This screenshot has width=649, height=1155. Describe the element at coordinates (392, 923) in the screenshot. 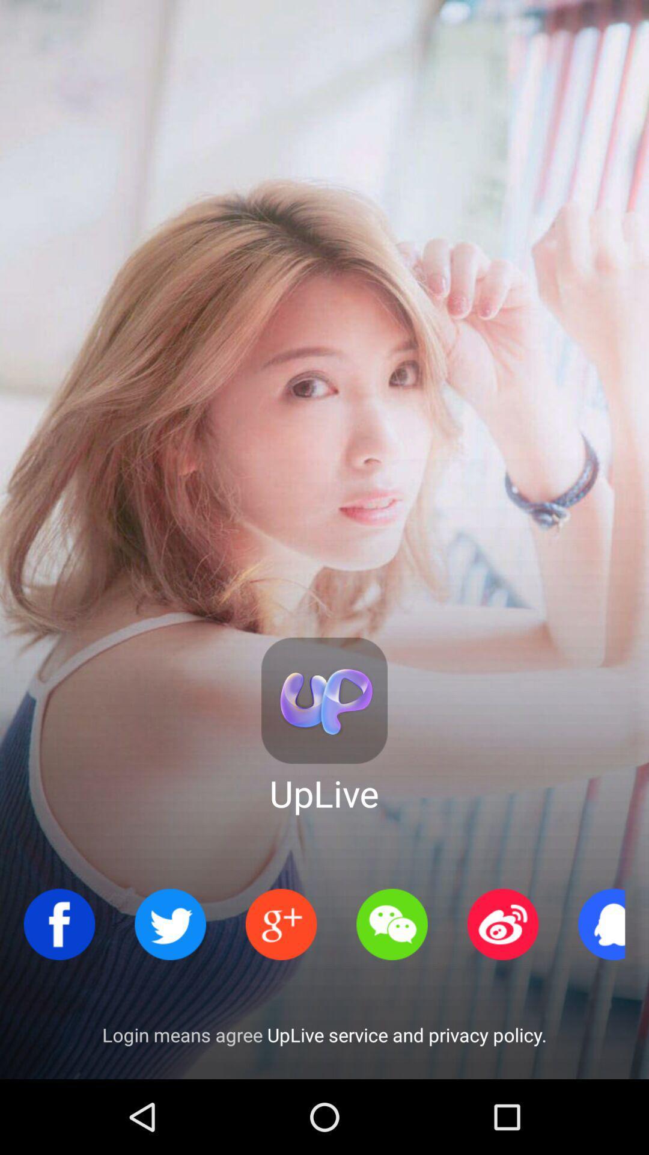

I see `the chat icon` at that location.